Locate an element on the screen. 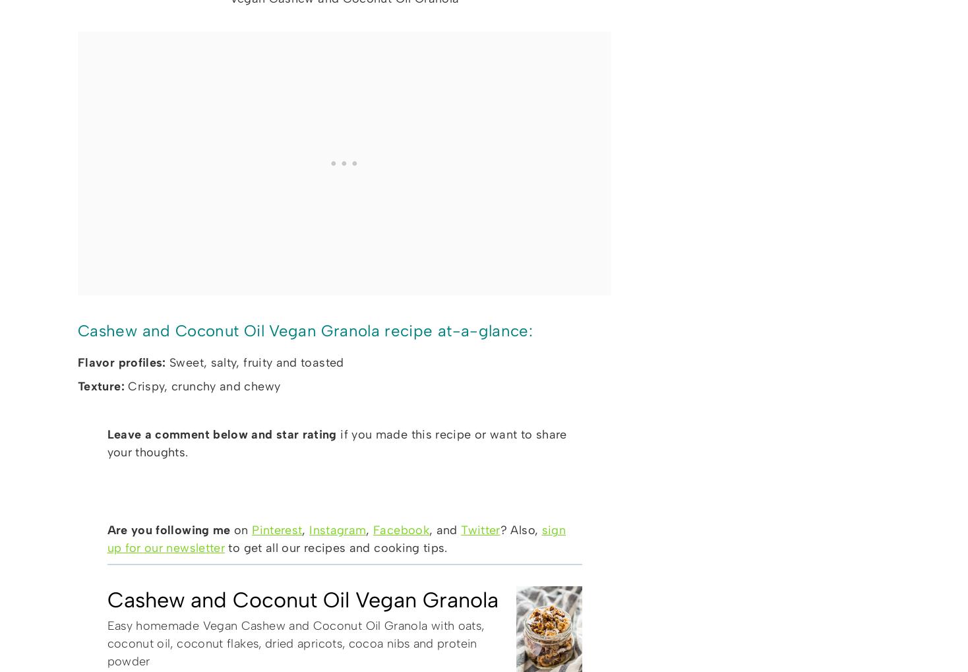 Image resolution: width=968 pixels, height=672 pixels. 'Texture:' is located at coordinates (100, 386).